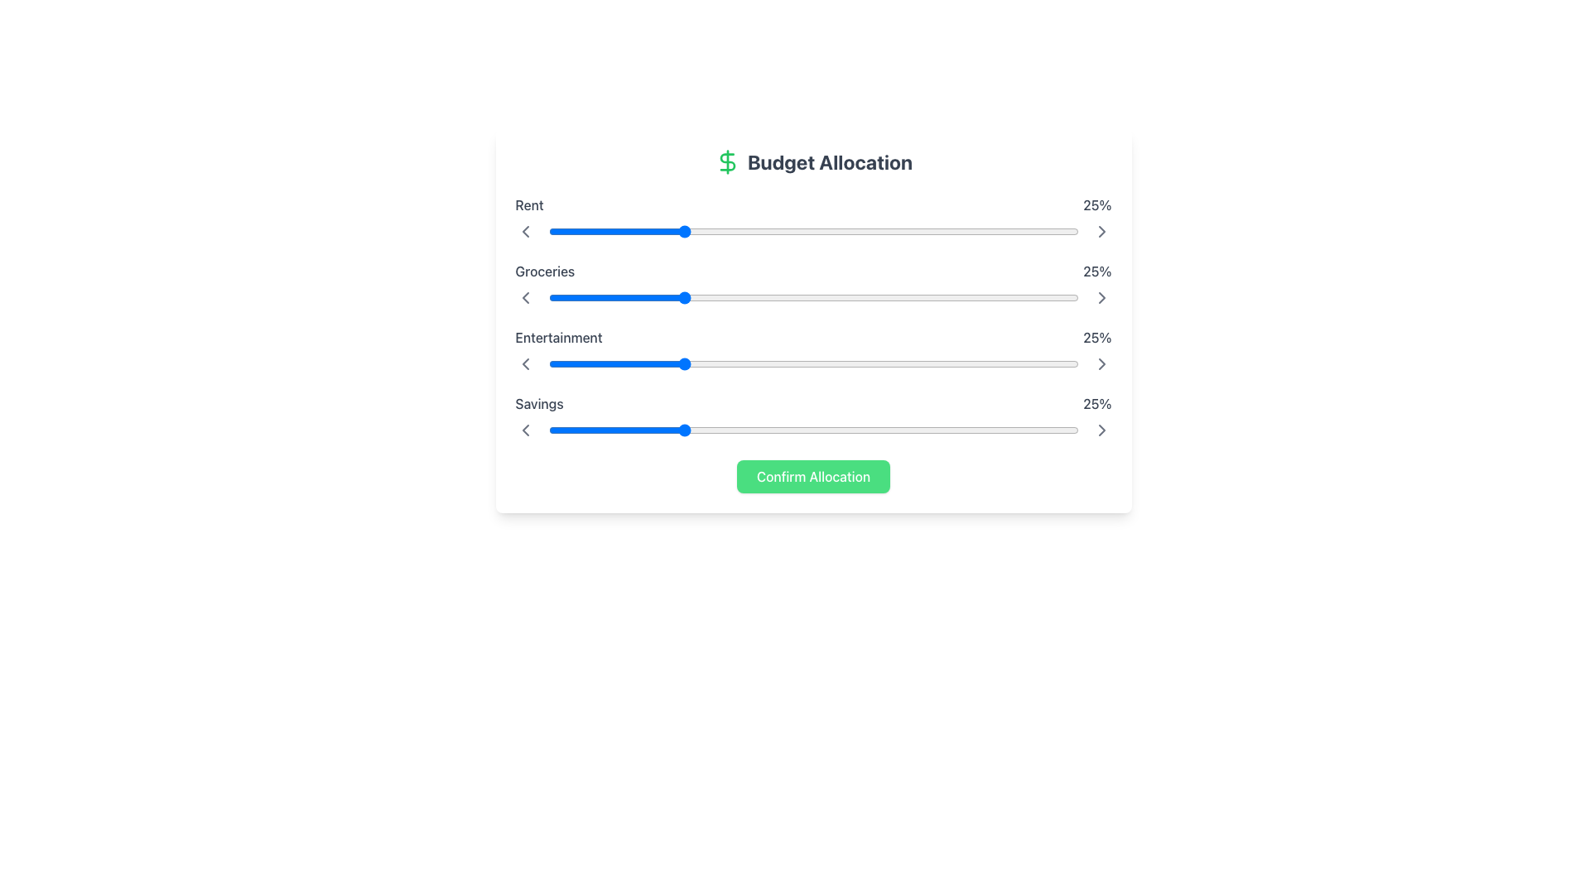 This screenshot has height=894, width=1590. Describe the element at coordinates (808, 296) in the screenshot. I see `the groceries allocation percentage` at that location.